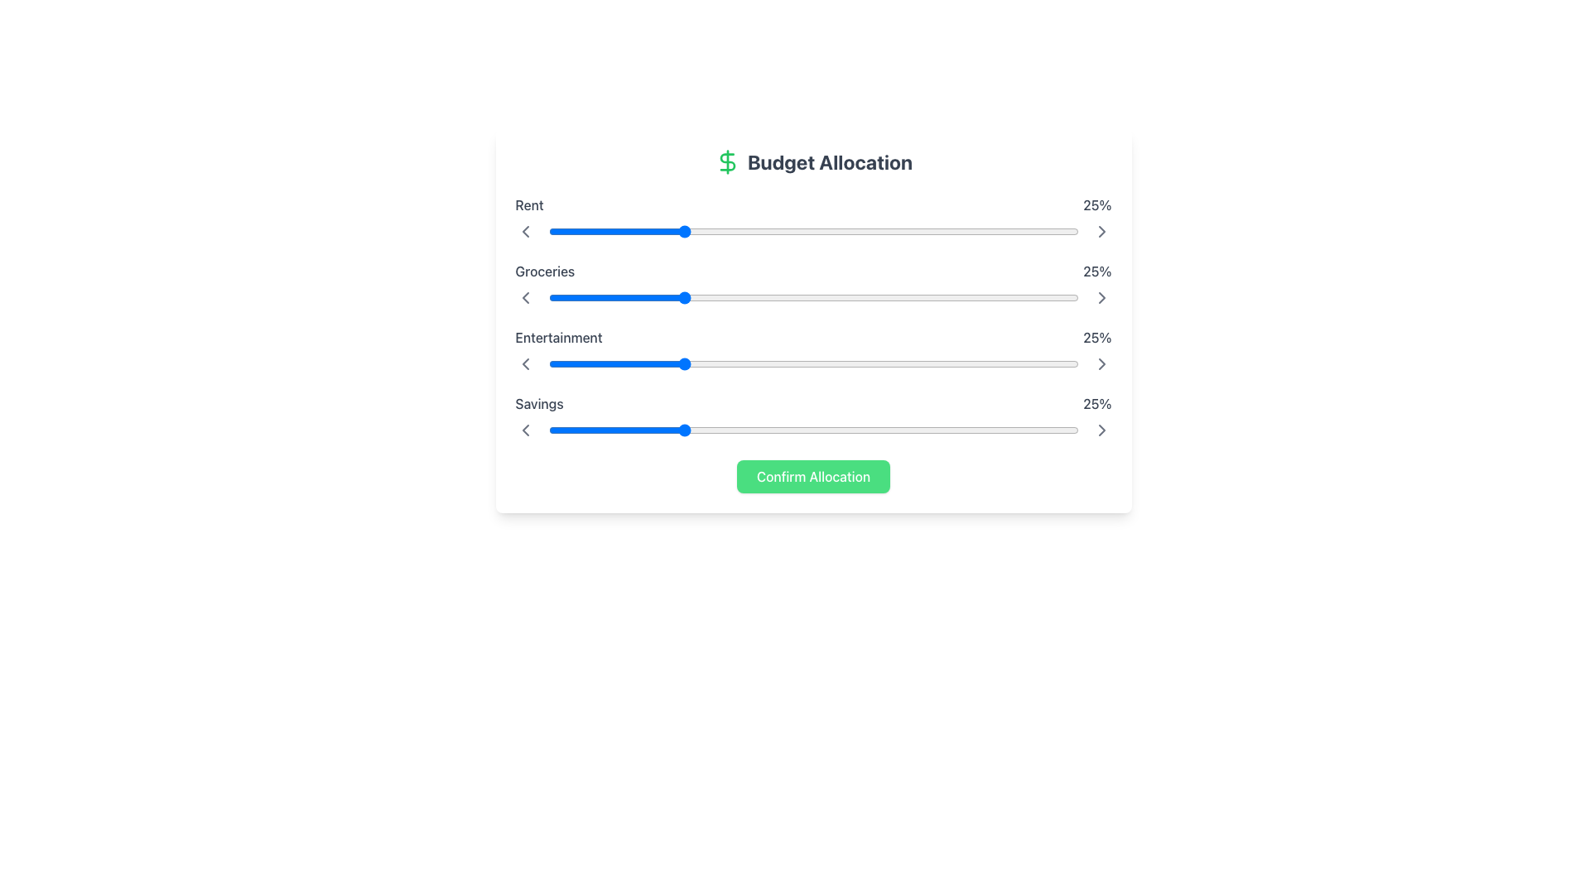 This screenshot has height=894, width=1590. Describe the element at coordinates (808, 296) in the screenshot. I see `the groceries allocation percentage` at that location.